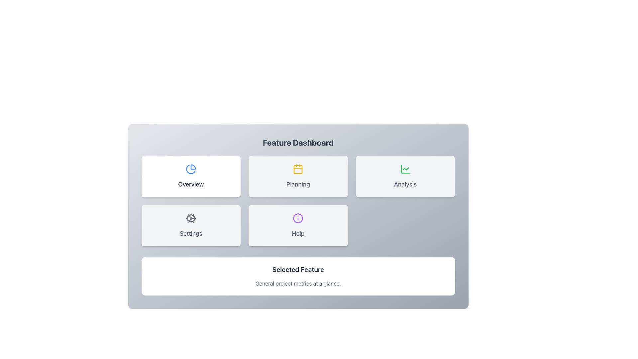  What do you see at coordinates (298, 169) in the screenshot?
I see `'Planning' icon located at the top part of the 'Planning' card in the dashboard, which is the middle card in the top row, by performing a right-click action` at bounding box center [298, 169].